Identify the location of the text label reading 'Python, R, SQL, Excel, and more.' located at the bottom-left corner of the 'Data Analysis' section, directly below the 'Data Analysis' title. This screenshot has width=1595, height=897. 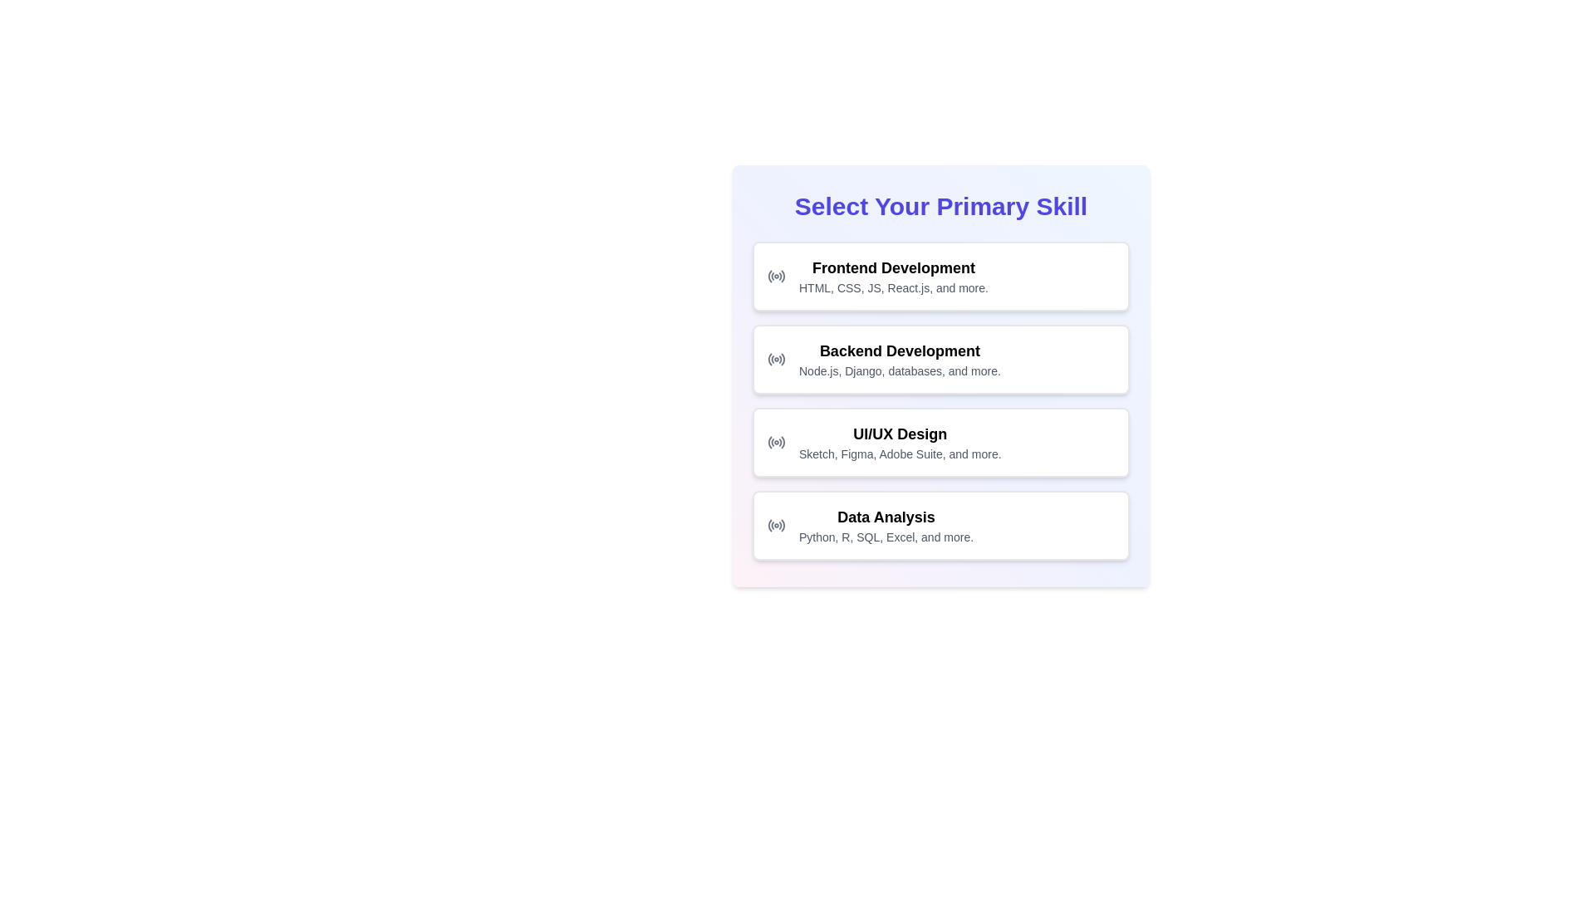
(886, 537).